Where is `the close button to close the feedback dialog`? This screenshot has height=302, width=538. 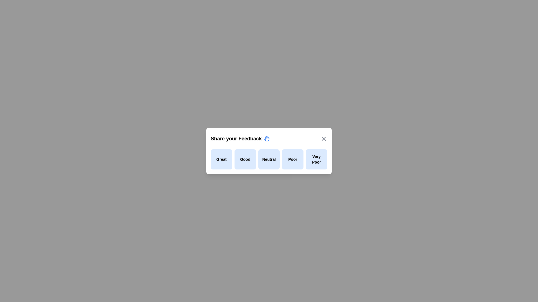
the close button to close the feedback dialog is located at coordinates (324, 138).